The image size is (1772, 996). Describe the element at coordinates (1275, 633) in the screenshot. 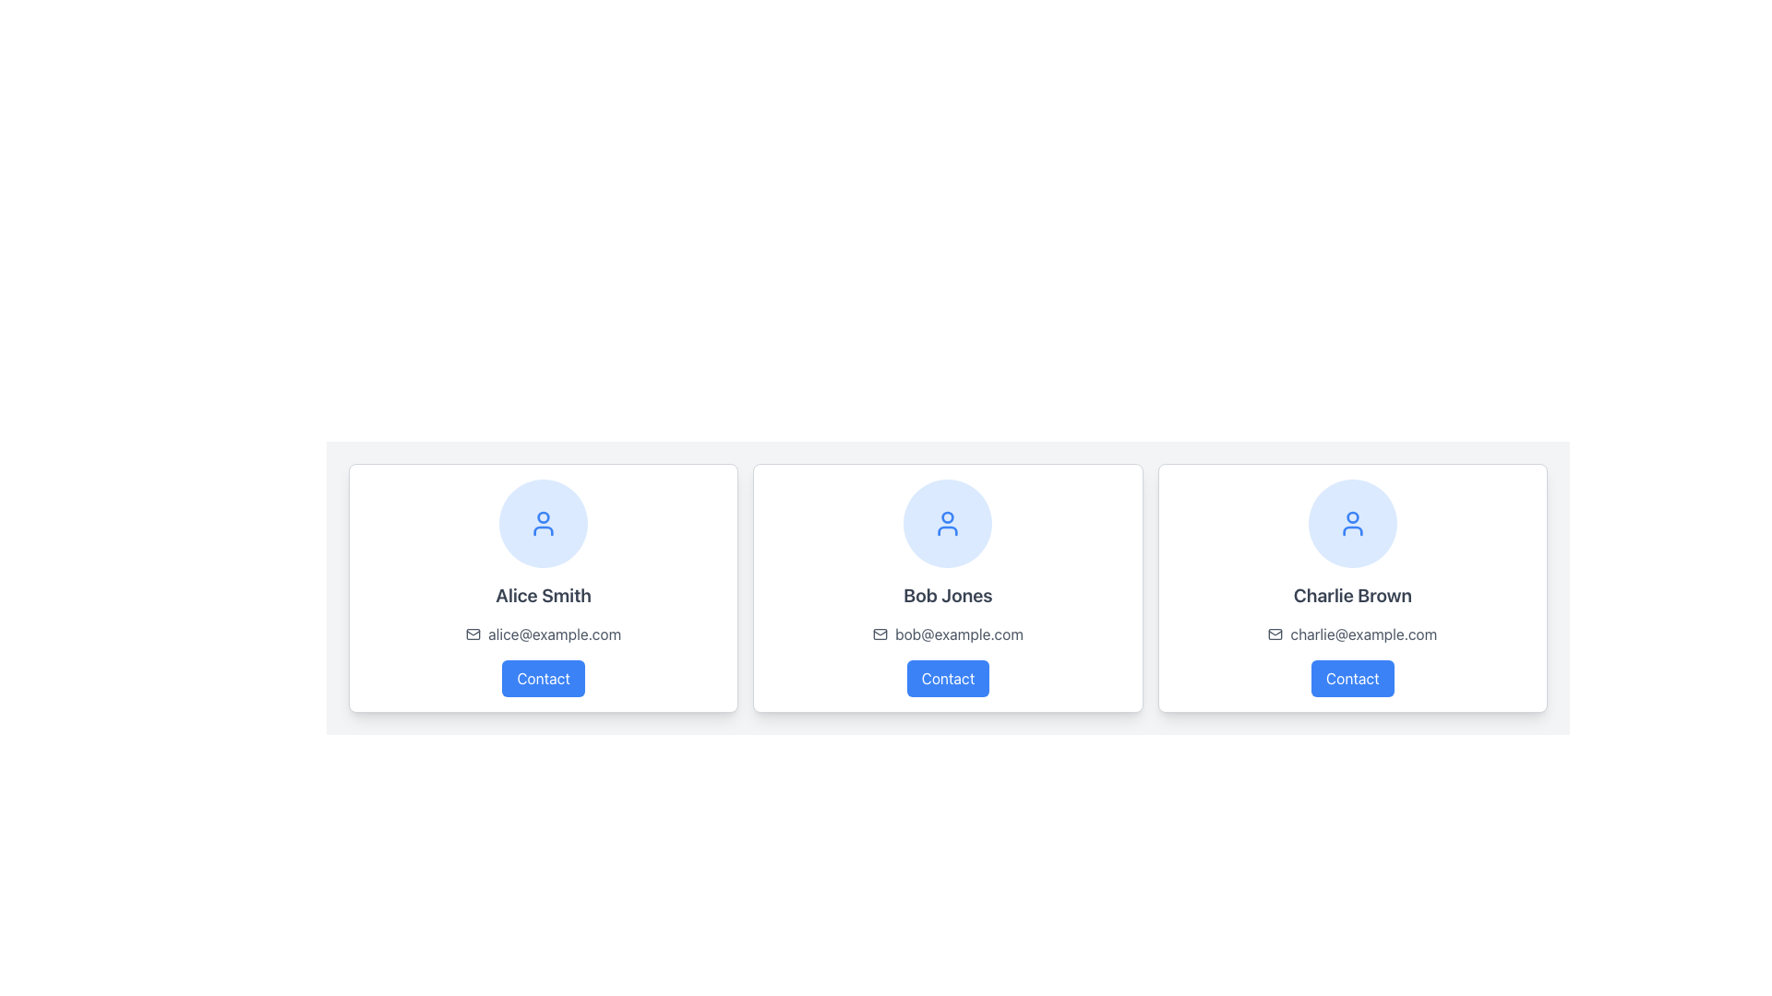

I see `the small mail icon with an envelope representation, which is located in the top-left corner of the information panel for Charlie Brown, preceding the text 'charlie@example.com'` at that location.